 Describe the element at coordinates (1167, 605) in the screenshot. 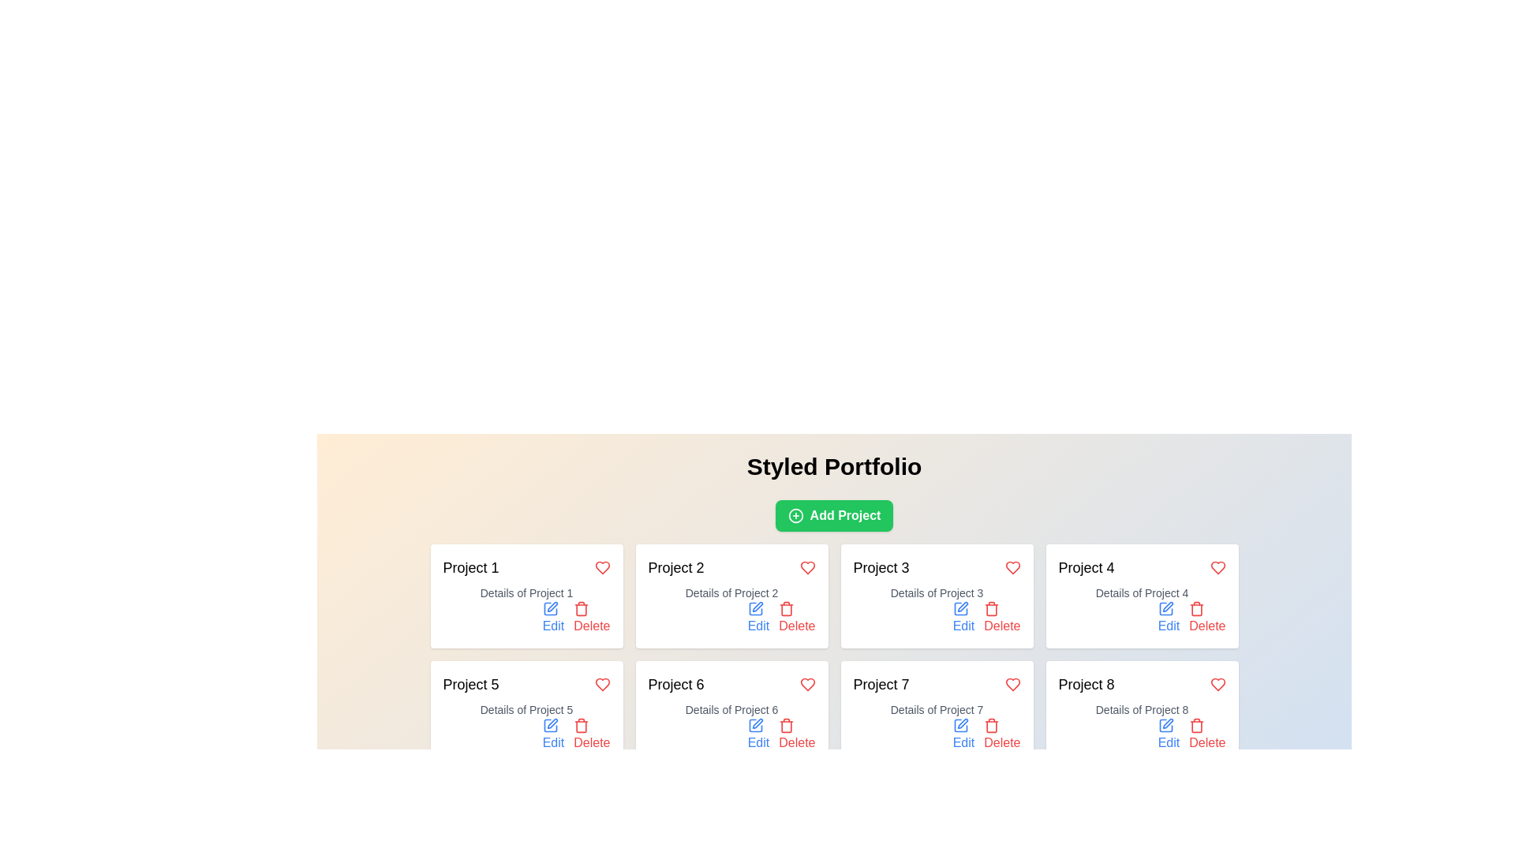

I see `the pen icon button located within the 'Project 4' card to initiate the edit action` at that location.